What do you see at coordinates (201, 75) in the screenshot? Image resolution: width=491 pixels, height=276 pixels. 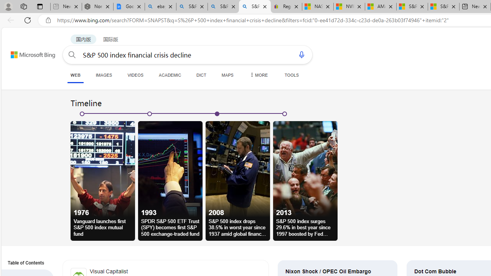 I see `'DICT'` at bounding box center [201, 75].